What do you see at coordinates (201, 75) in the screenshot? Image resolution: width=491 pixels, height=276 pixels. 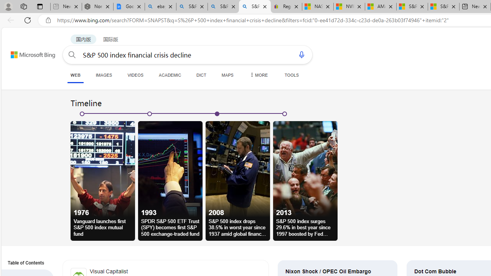 I see `'DICT'` at bounding box center [201, 75].